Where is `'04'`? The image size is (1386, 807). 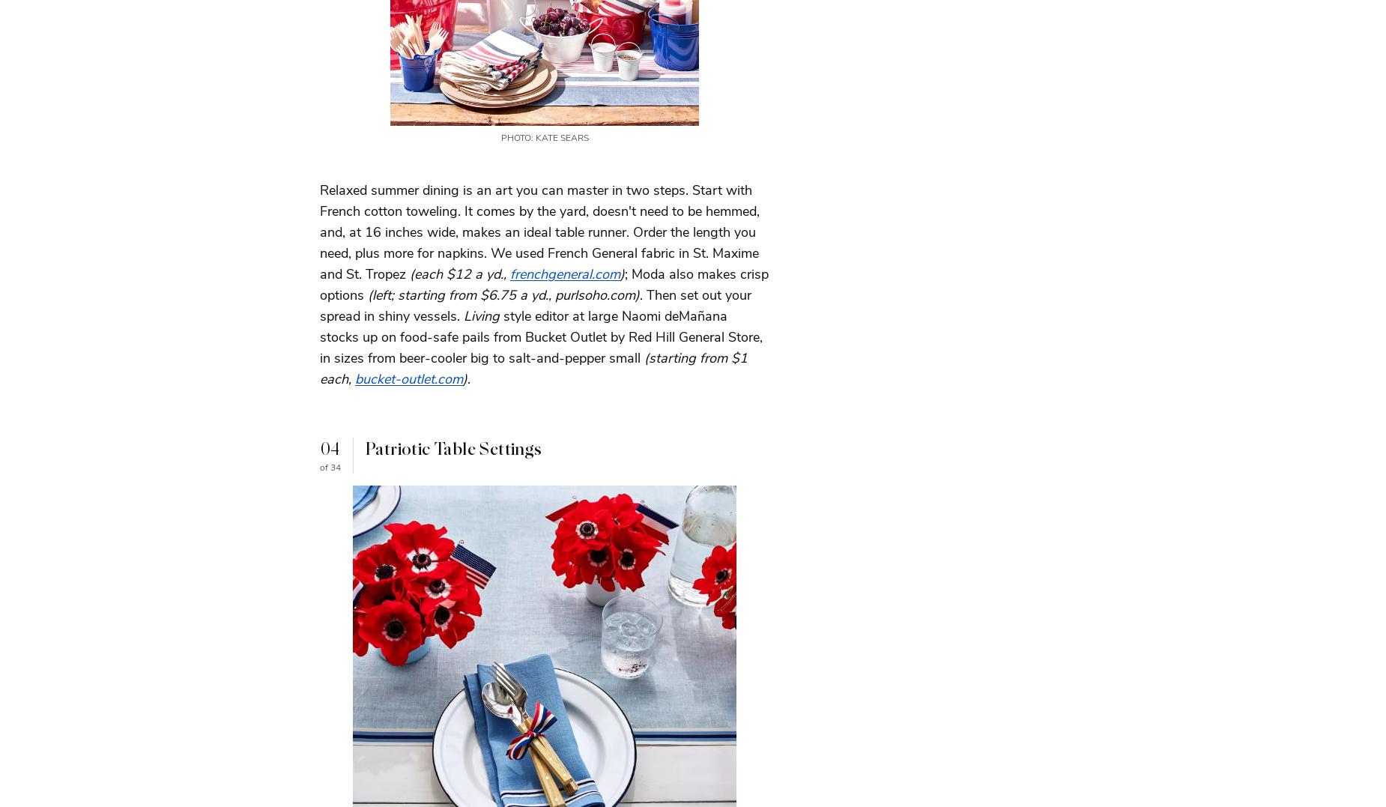 '04' is located at coordinates (320, 448).